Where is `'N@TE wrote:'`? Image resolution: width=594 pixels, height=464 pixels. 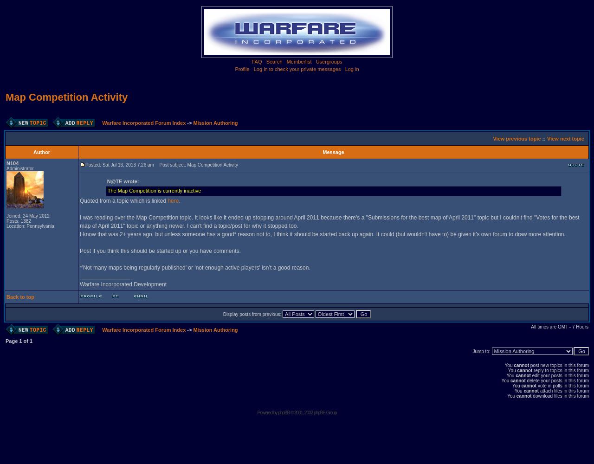 'N@TE wrote:' is located at coordinates (107, 181).